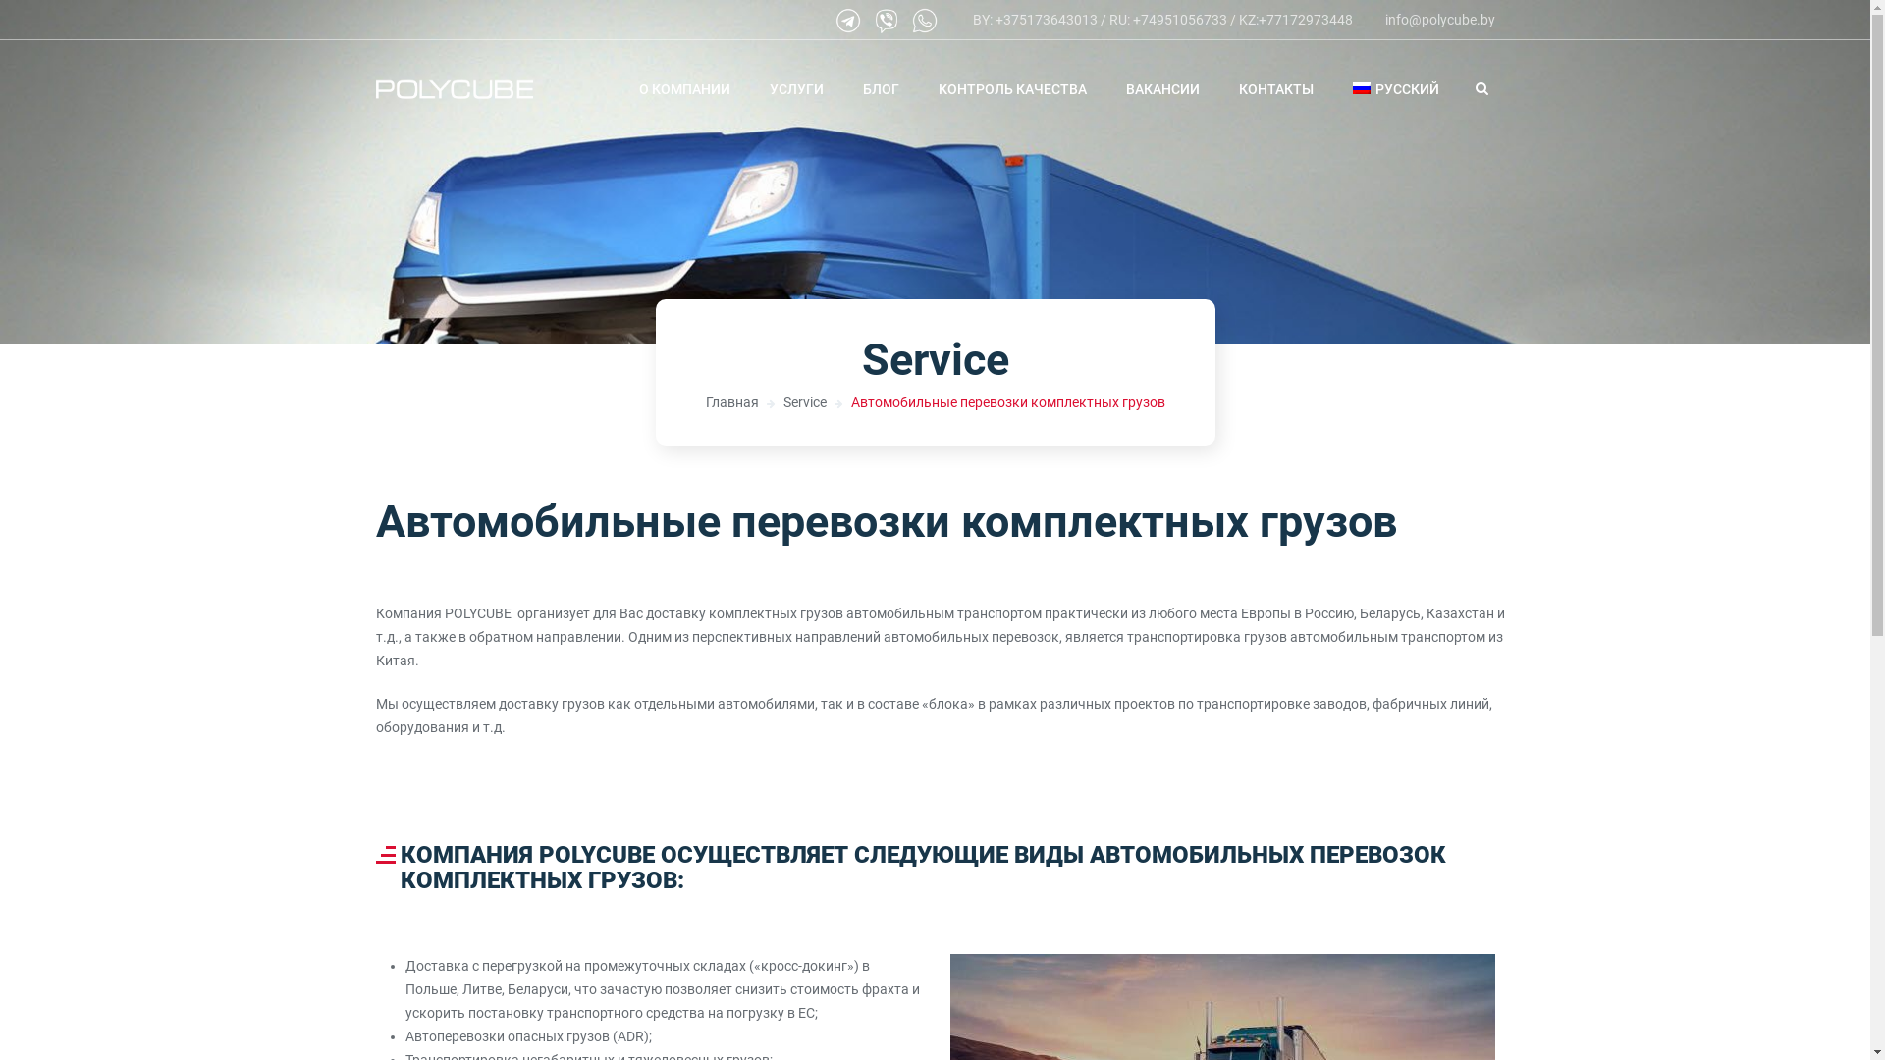 The height and width of the screenshot is (1060, 1885). I want to click on 'info@polycube.by', so click(1438, 19).